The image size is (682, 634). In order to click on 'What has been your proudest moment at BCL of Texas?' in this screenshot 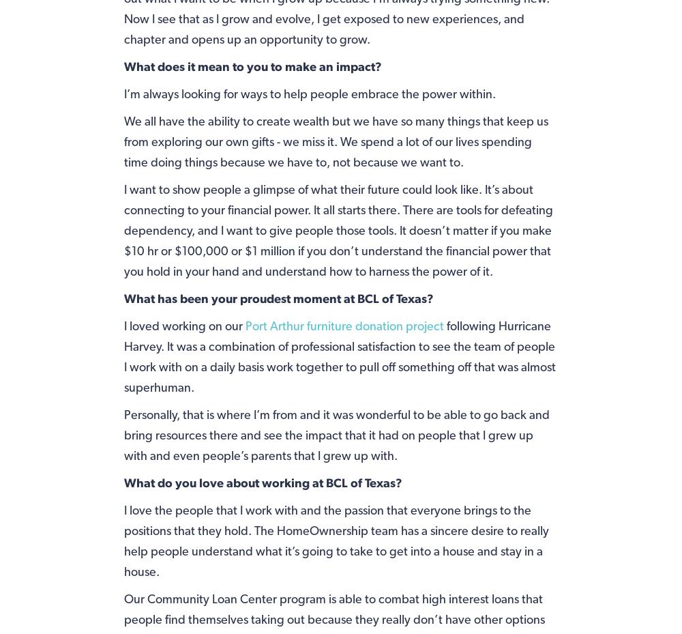, I will do `click(278, 297)`.